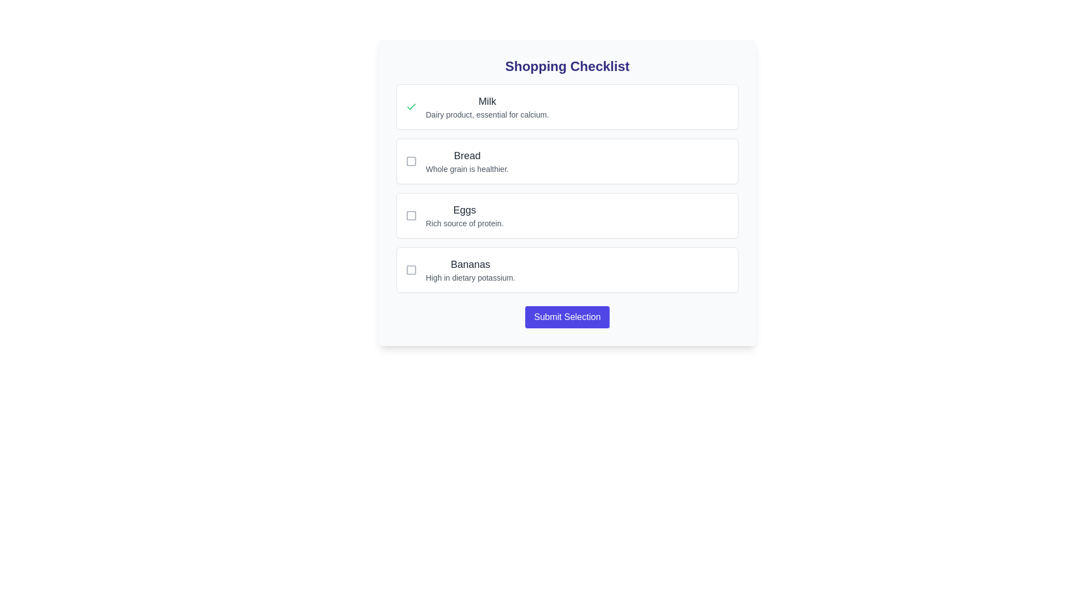 Image resolution: width=1066 pixels, height=599 pixels. Describe the element at coordinates (567, 216) in the screenshot. I see `the 'Eggs' card with checkbox, which is the third item in the checklist` at that location.